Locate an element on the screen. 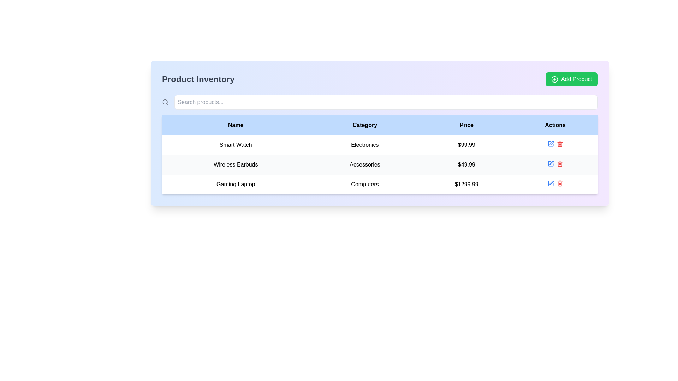 The height and width of the screenshot is (381, 678). the SVG circle element that is part of the 'Add Product' button, positioned centrally within the button's area is located at coordinates (554, 79).